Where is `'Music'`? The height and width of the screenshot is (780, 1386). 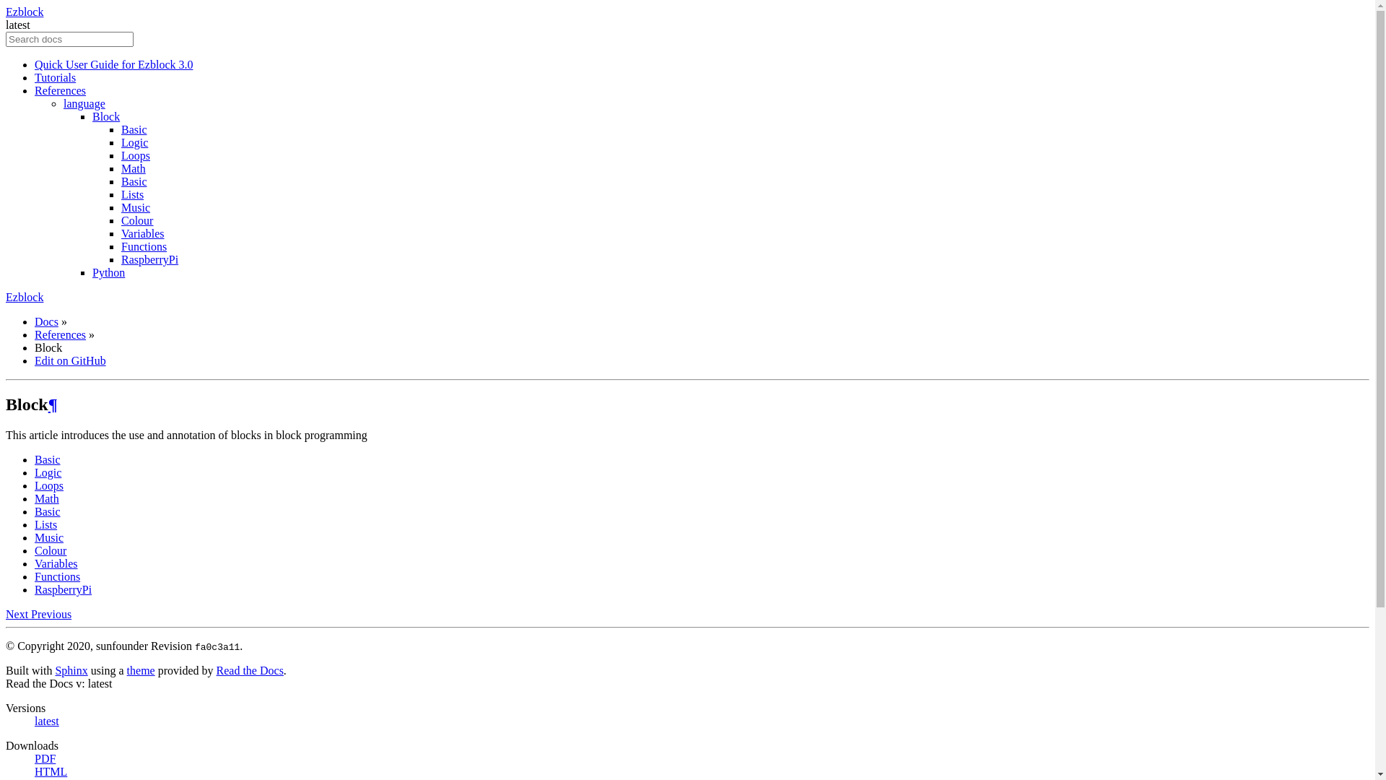
'Music' is located at coordinates (48, 537).